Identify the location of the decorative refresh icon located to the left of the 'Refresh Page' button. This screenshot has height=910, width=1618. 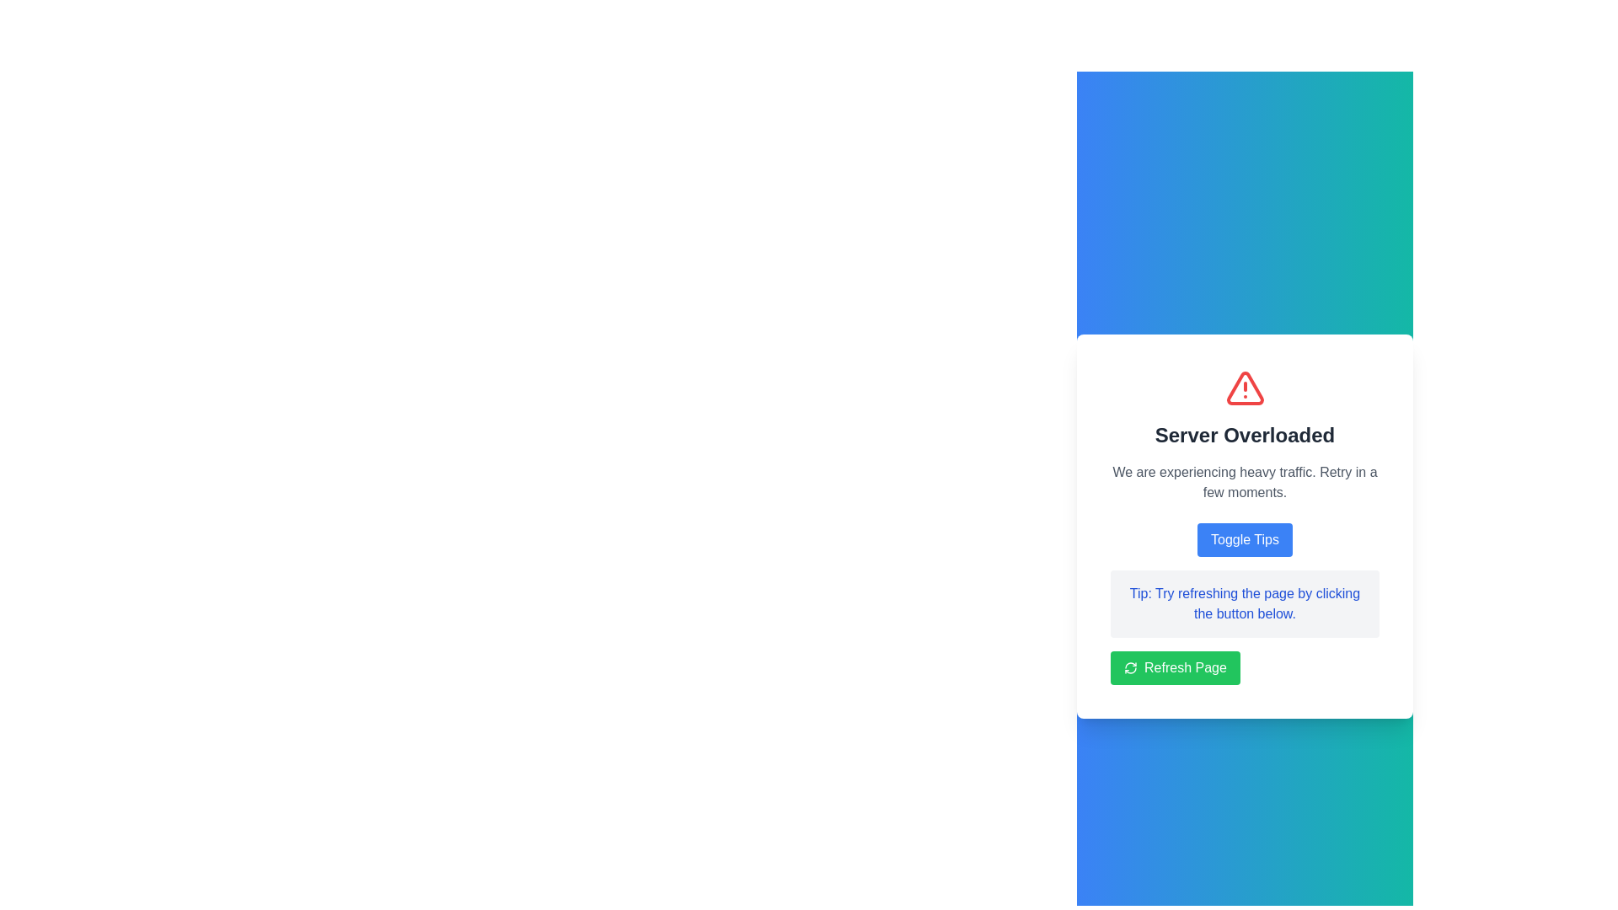
(1131, 667).